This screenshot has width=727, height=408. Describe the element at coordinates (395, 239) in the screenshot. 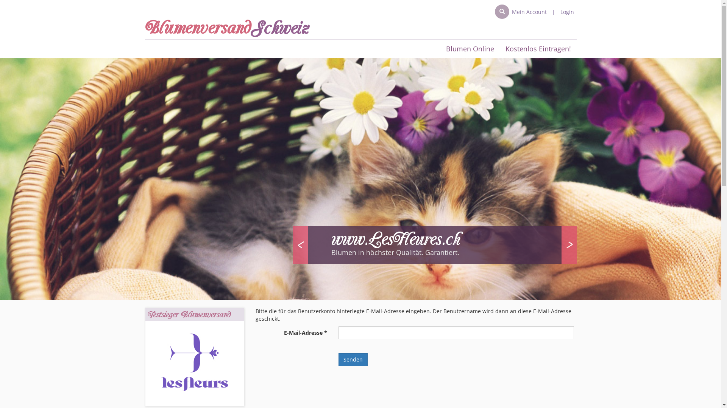

I see `'www.LesFleures.ch'` at that location.